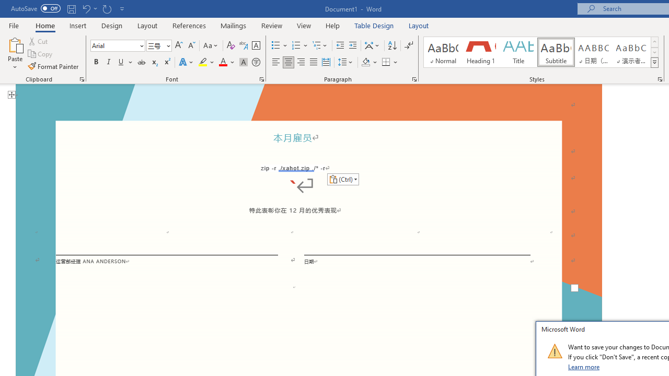 Image resolution: width=669 pixels, height=376 pixels. Describe the element at coordinates (191, 45) in the screenshot. I see `'Shrink Font'` at that location.